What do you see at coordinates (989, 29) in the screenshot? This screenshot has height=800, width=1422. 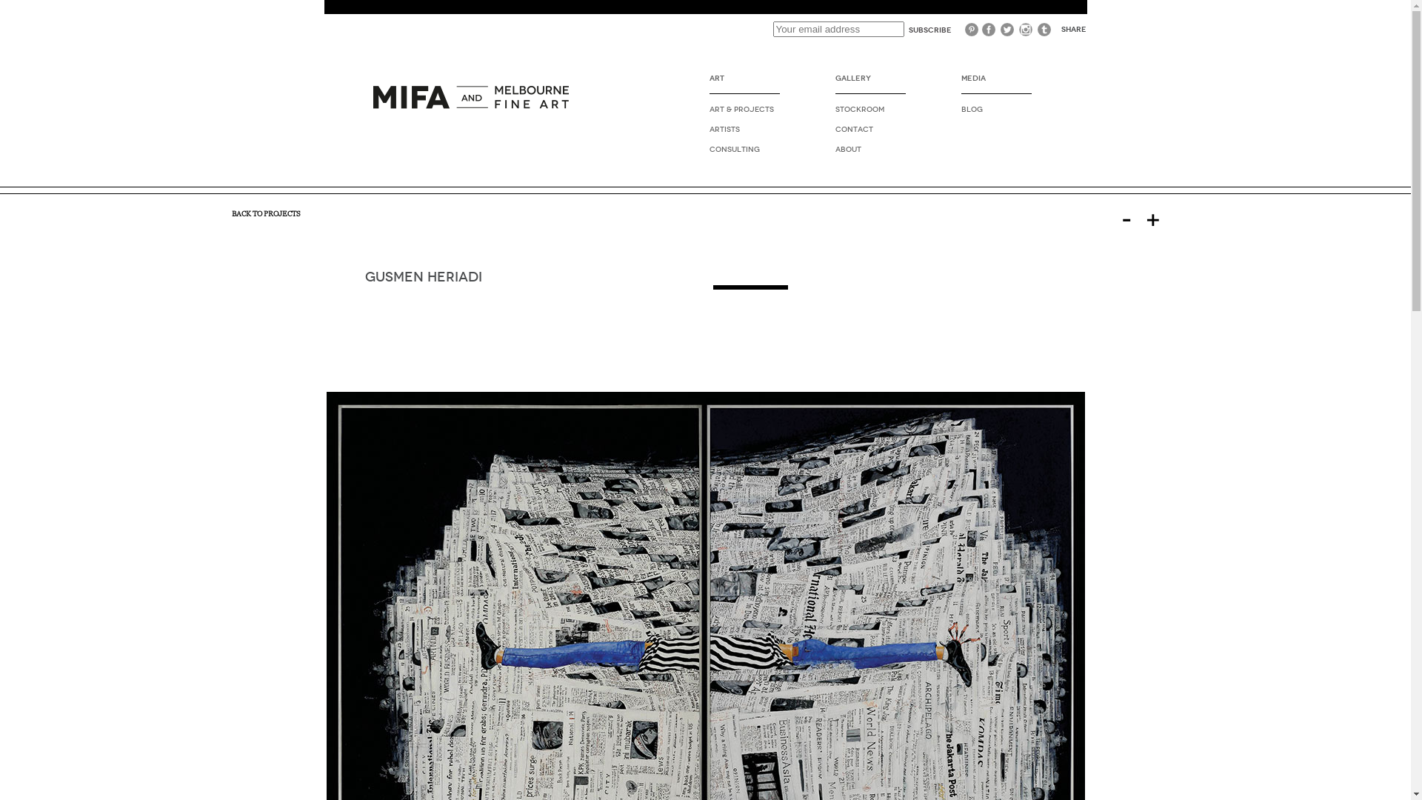 I see `'Facebook'` at bounding box center [989, 29].